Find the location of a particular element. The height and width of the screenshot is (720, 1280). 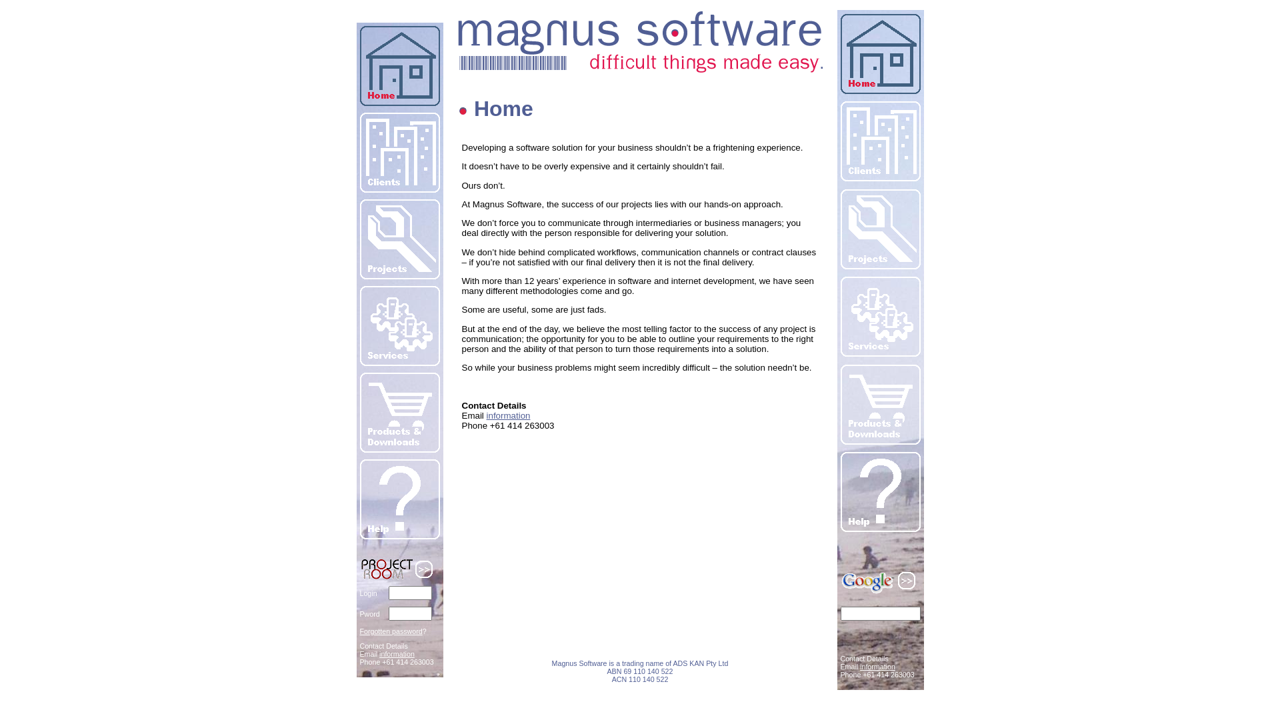

'information' is located at coordinates (396, 653).